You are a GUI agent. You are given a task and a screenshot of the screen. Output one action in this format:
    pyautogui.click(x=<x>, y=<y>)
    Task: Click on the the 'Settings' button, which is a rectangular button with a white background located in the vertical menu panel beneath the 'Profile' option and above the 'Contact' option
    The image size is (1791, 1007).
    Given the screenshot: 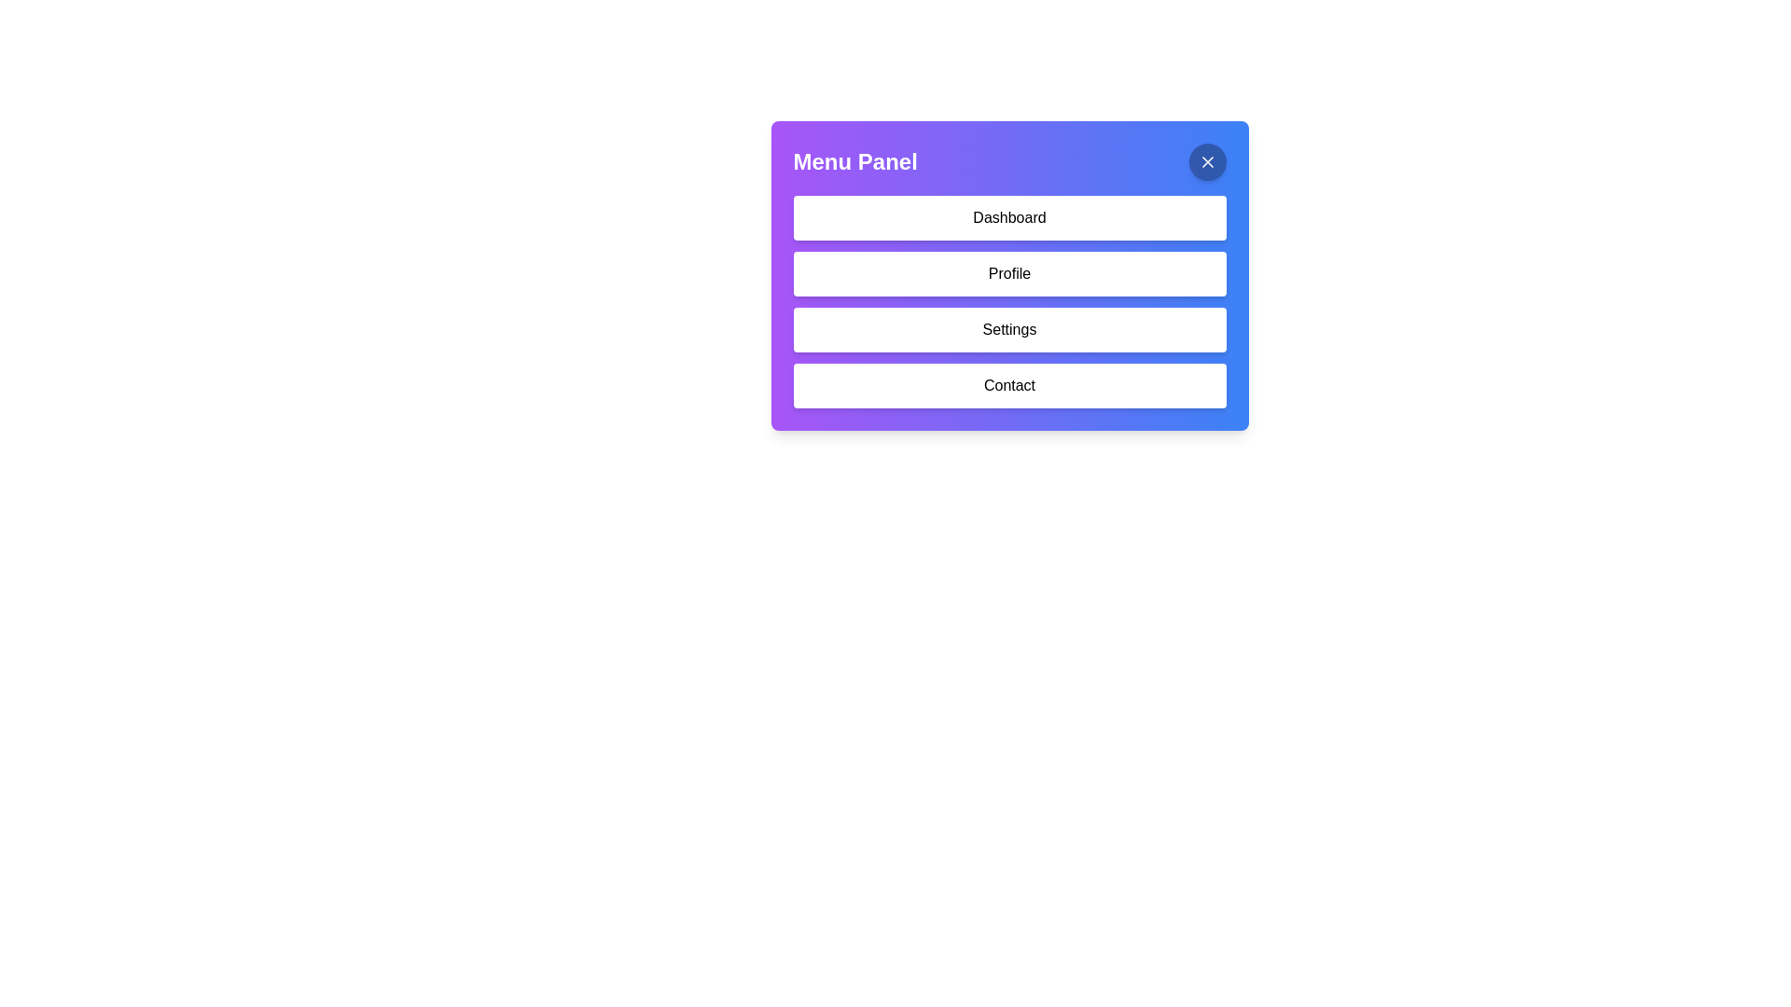 What is the action you would take?
    pyautogui.click(x=1008, y=329)
    